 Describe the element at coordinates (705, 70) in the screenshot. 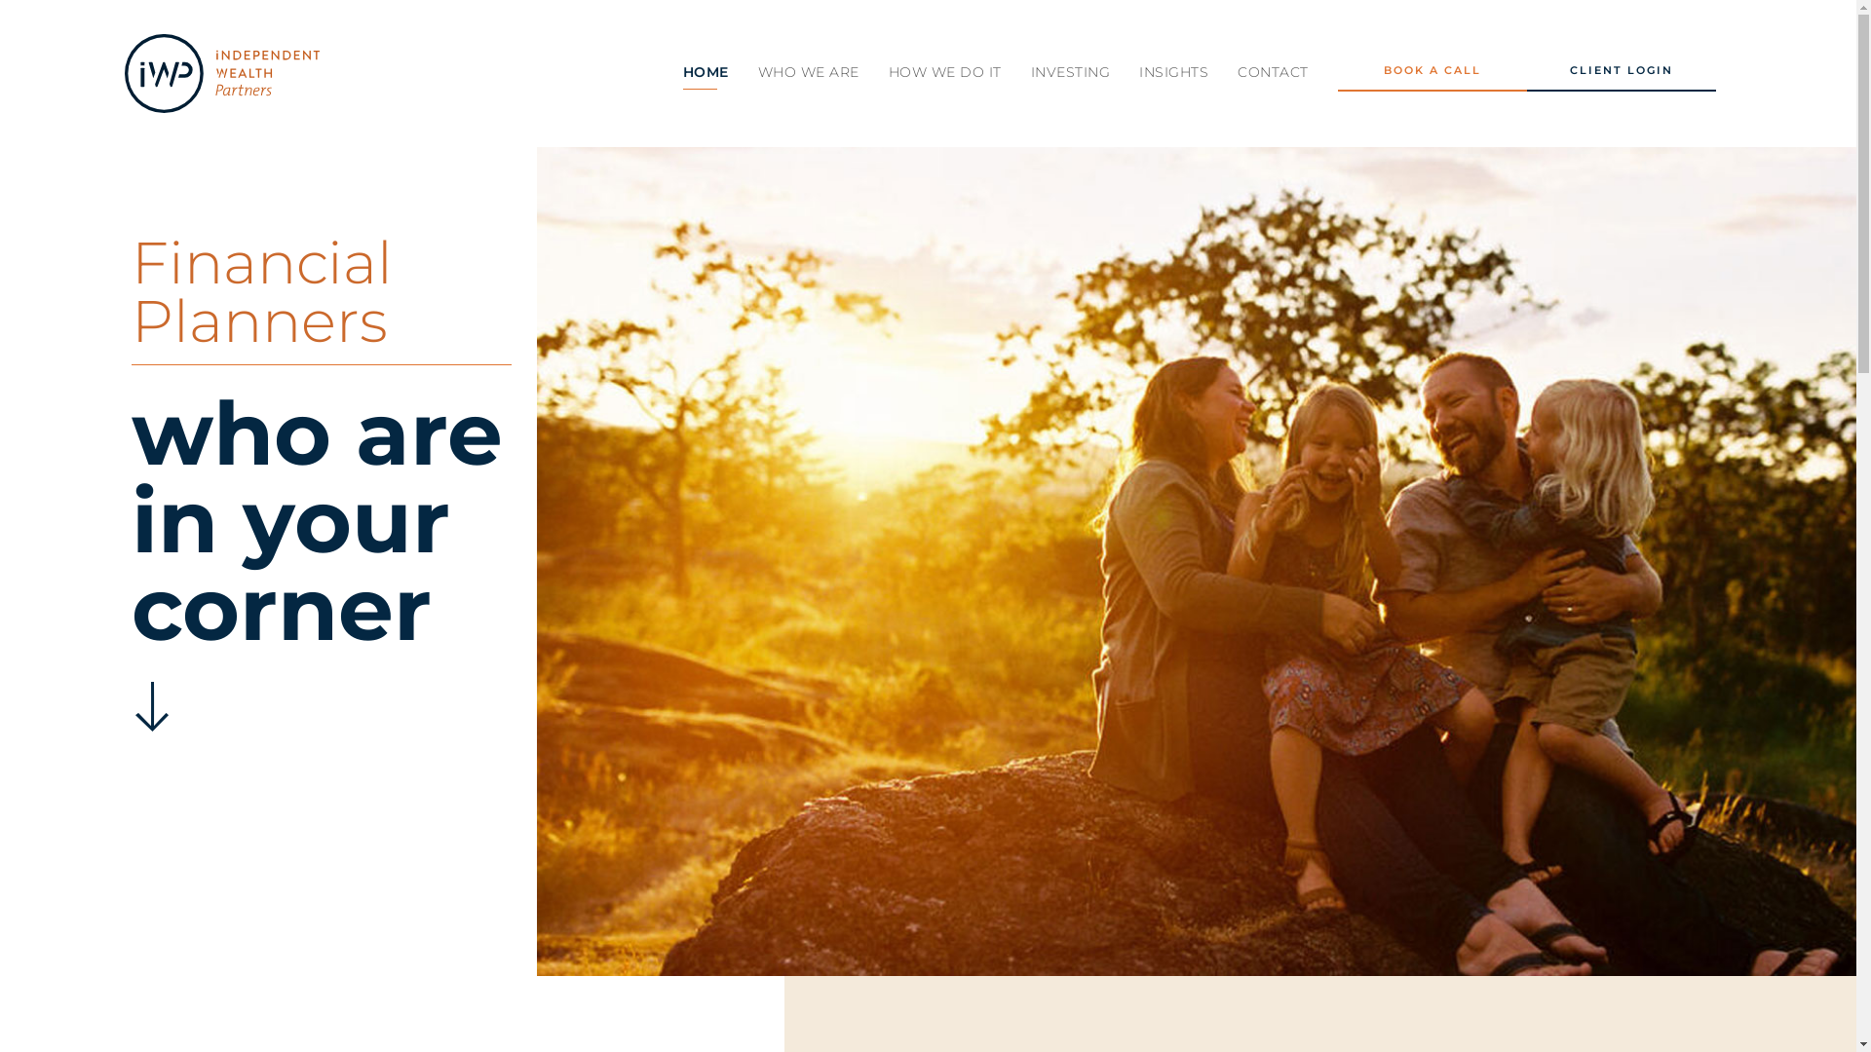

I see `'HOME'` at that location.